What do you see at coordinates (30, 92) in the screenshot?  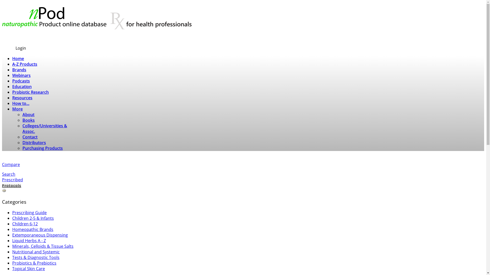 I see `'Probiotic Research'` at bounding box center [30, 92].